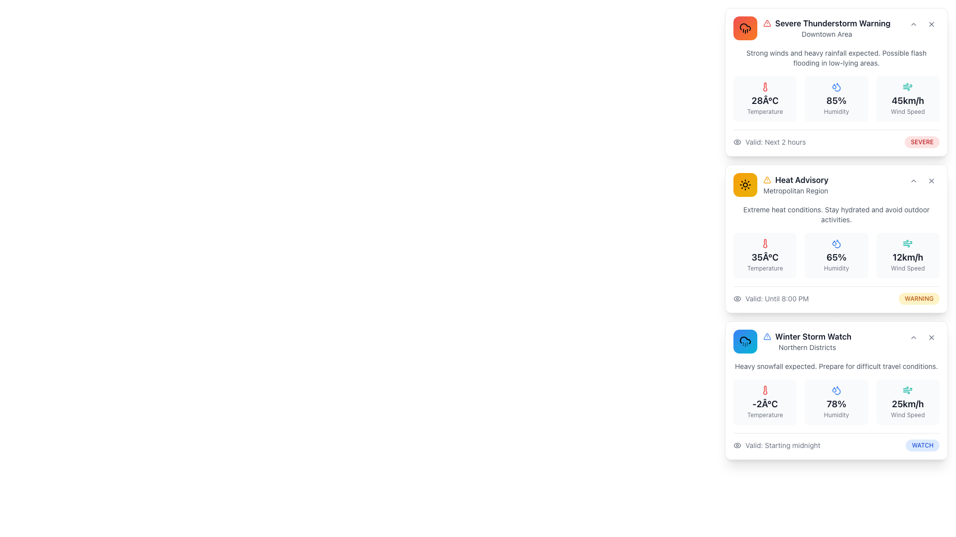  Describe the element at coordinates (836, 58) in the screenshot. I see `the static text block that alerts users about specific weather conditions, which reads: 'Strong winds and heavy rainfall expected. Possible flash flooding in low-lying areas.' This text is styled in gray and is positioned beneath the headline 'Severe Thunderstorm Warning'` at that location.